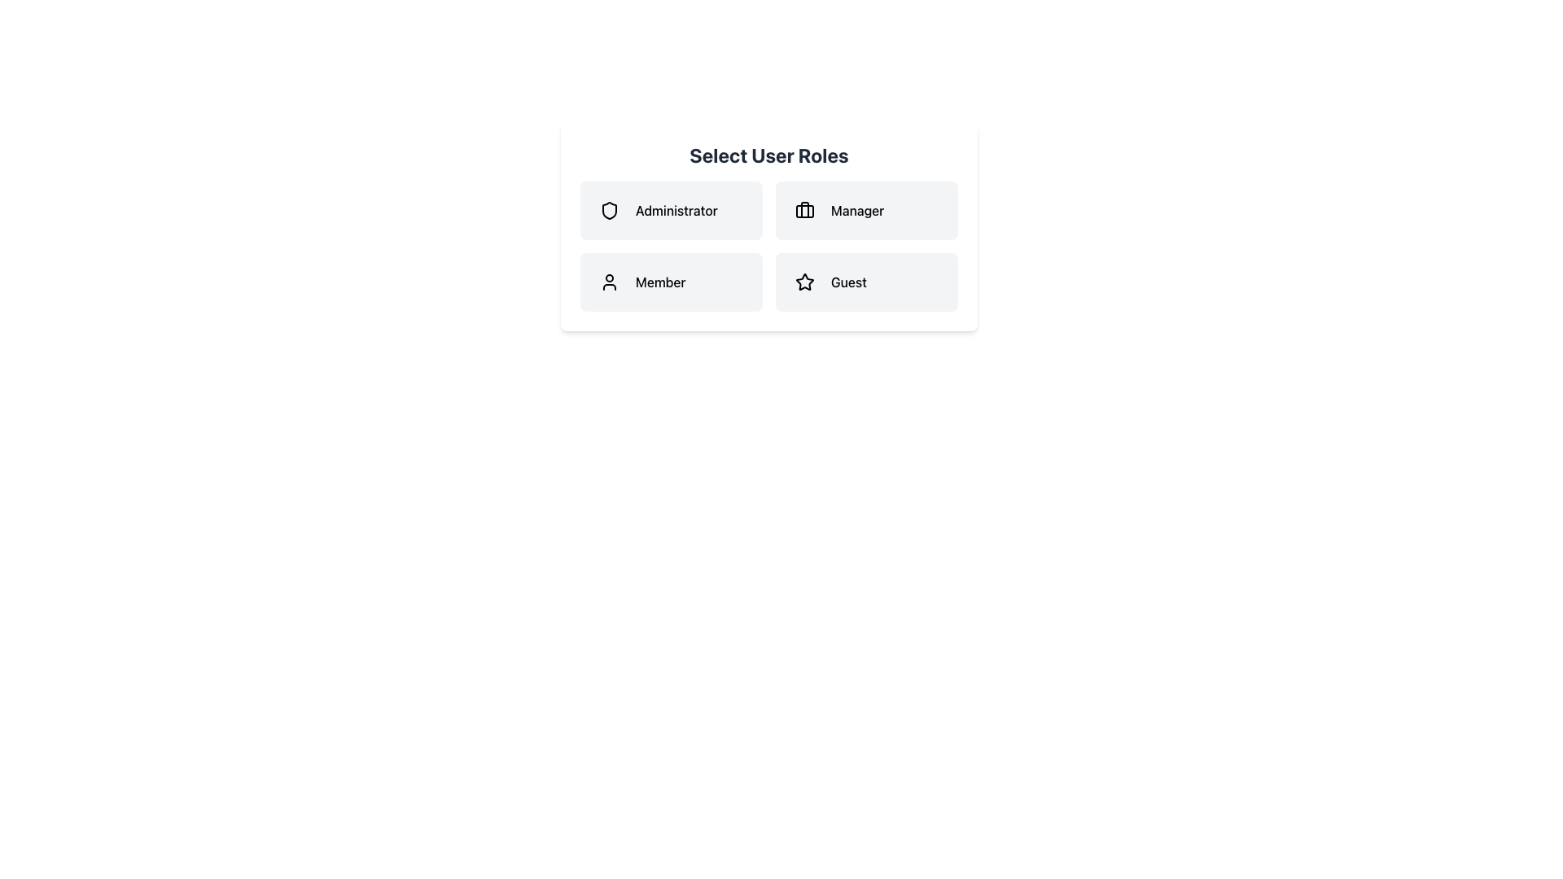 This screenshot has width=1563, height=879. What do you see at coordinates (804, 210) in the screenshot?
I see `the rectangular portion of the suitcase icon representing the 'Manager' role in the user interface` at bounding box center [804, 210].